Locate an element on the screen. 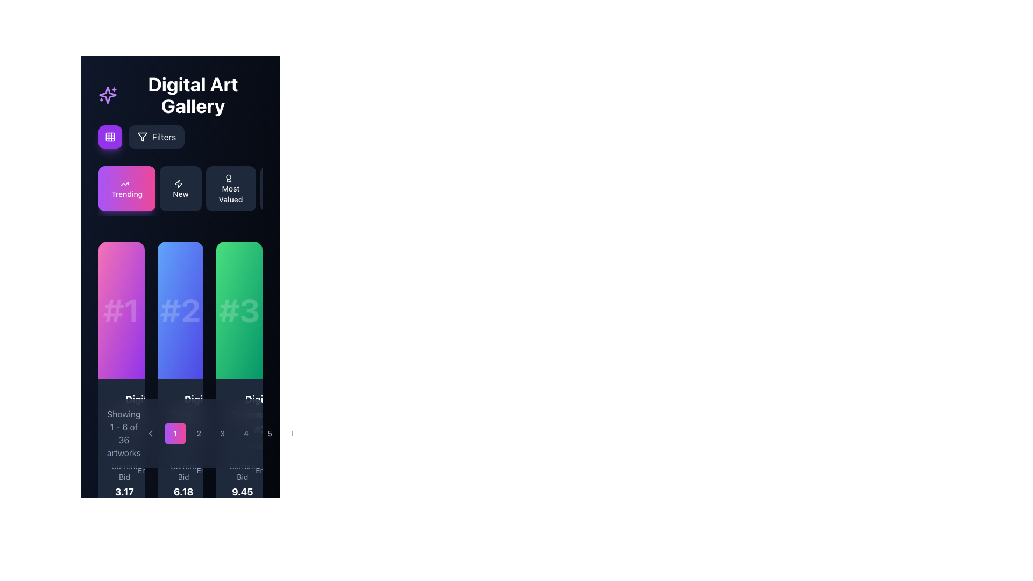 The height and width of the screenshot is (581, 1033). the Label that captions the current bid value of '6.18 ETH' in the lower section of the card layout is located at coordinates (183, 471).